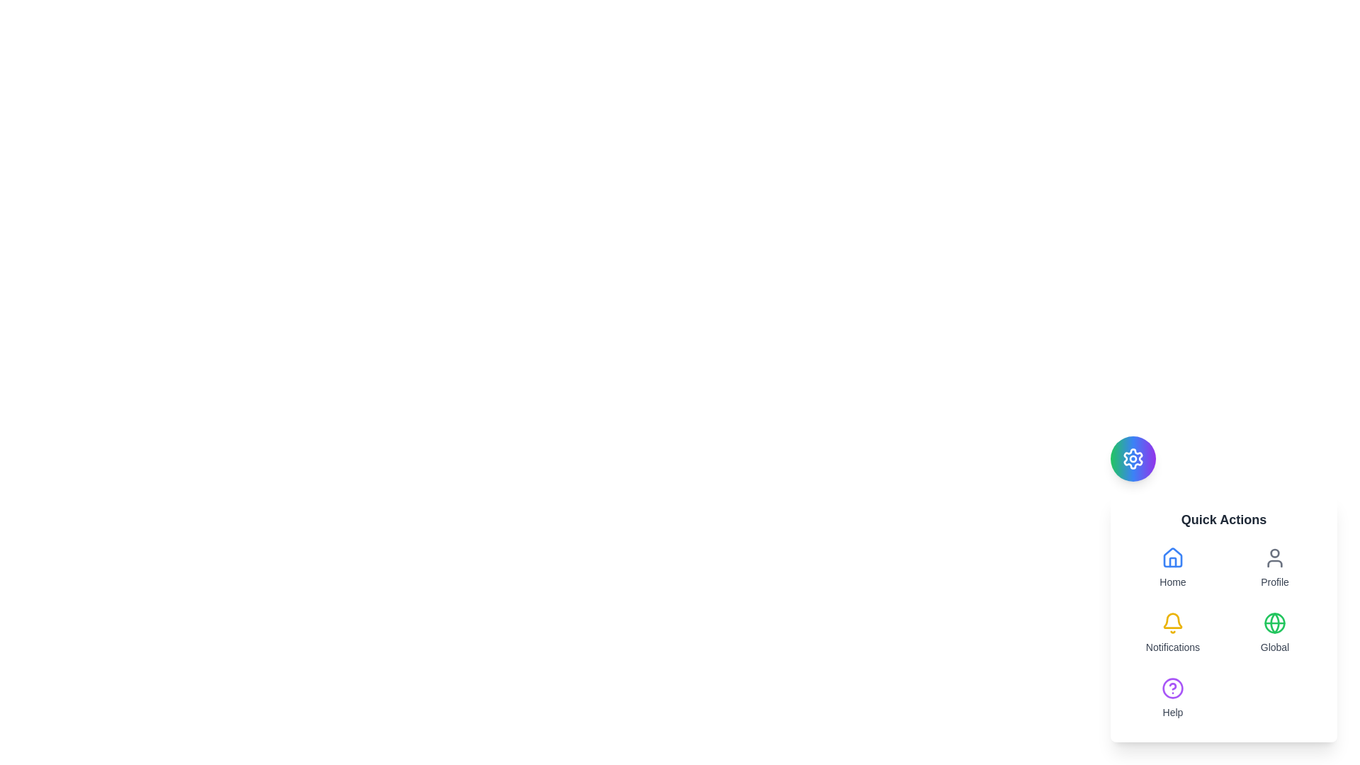 This screenshot has height=765, width=1360. What do you see at coordinates (1223, 519) in the screenshot?
I see `the Text Label that serves as a title or heading within the rectangular card at the bottom-right corner of the interface, positioned above the grid layout of options` at bounding box center [1223, 519].